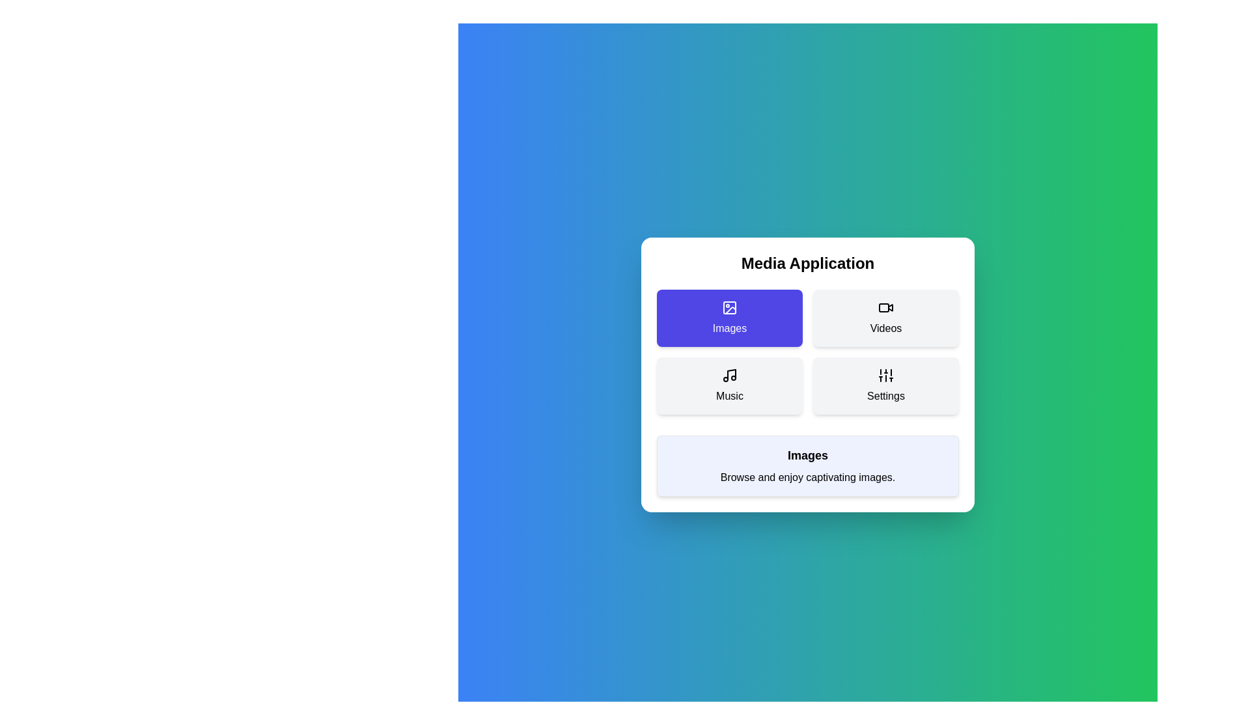  Describe the element at coordinates (730, 385) in the screenshot. I see `the menu item Music to see its hover effect` at that location.